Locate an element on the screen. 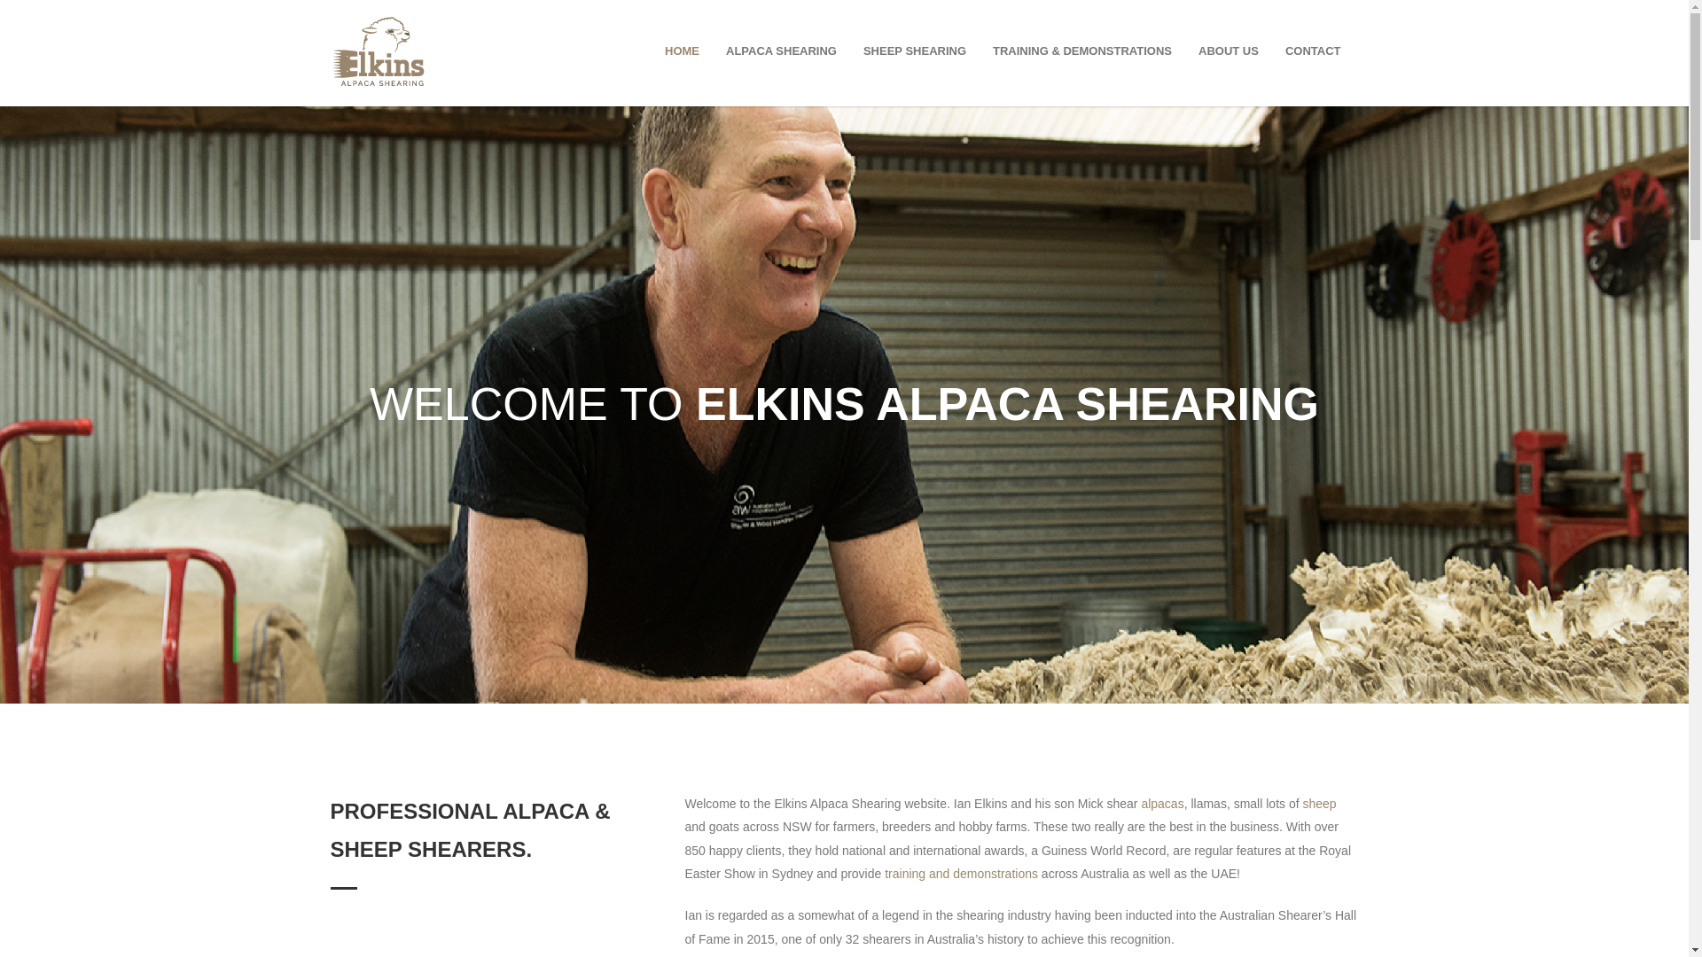 This screenshot has width=1702, height=957. 'TRAINING & DEMONSTRATIONS' is located at coordinates (978, 50).